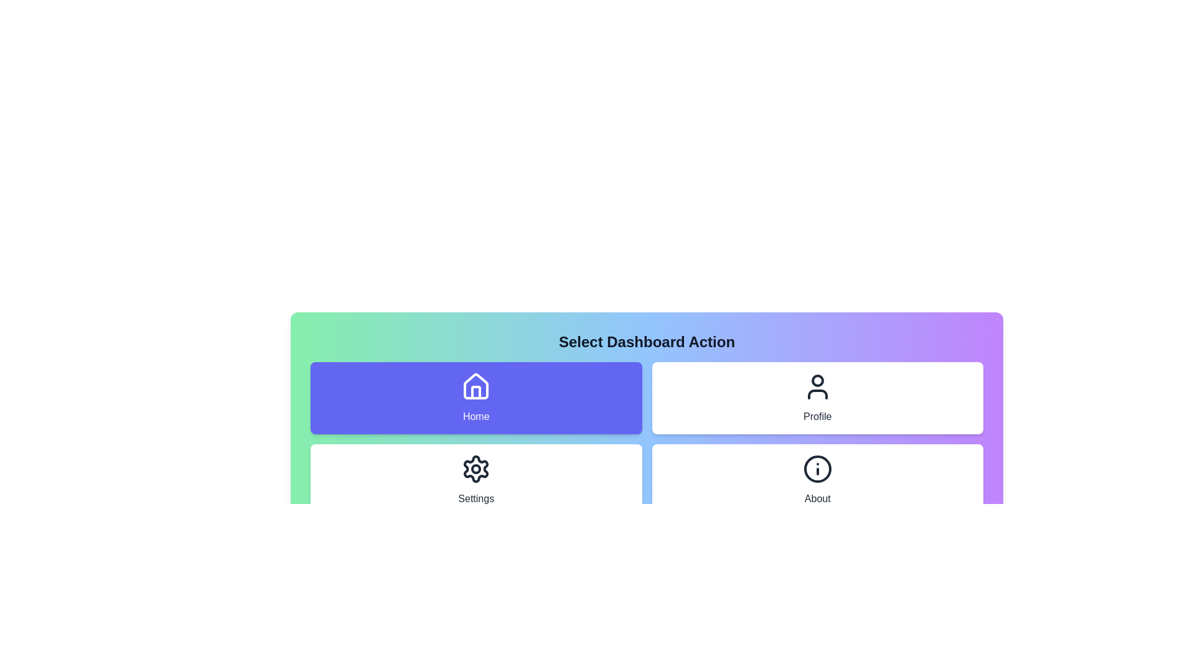 The height and width of the screenshot is (672, 1195). I want to click on the Settings button to select the corresponding dashboard action, so click(476, 479).